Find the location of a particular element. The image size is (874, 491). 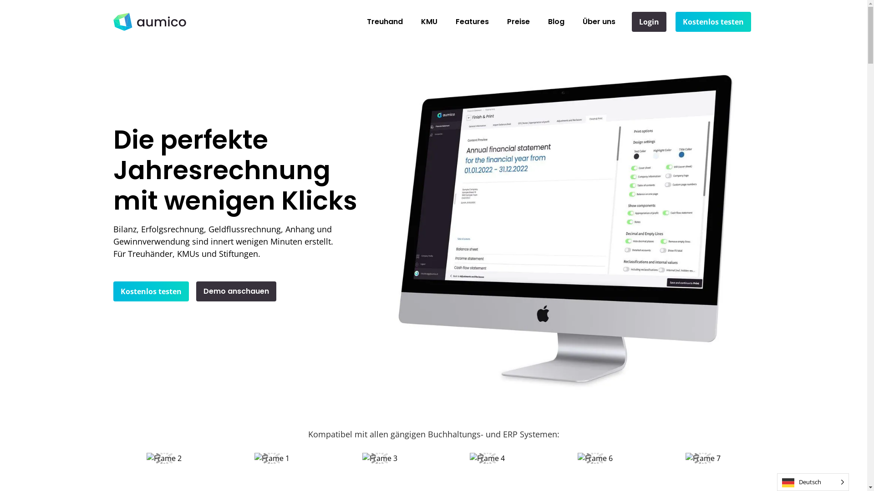

'Preise' is located at coordinates (518, 21).